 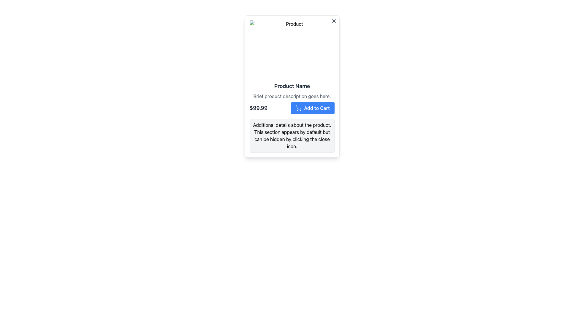 I want to click on the image placeholder at the top of the product card, so click(x=292, y=49).